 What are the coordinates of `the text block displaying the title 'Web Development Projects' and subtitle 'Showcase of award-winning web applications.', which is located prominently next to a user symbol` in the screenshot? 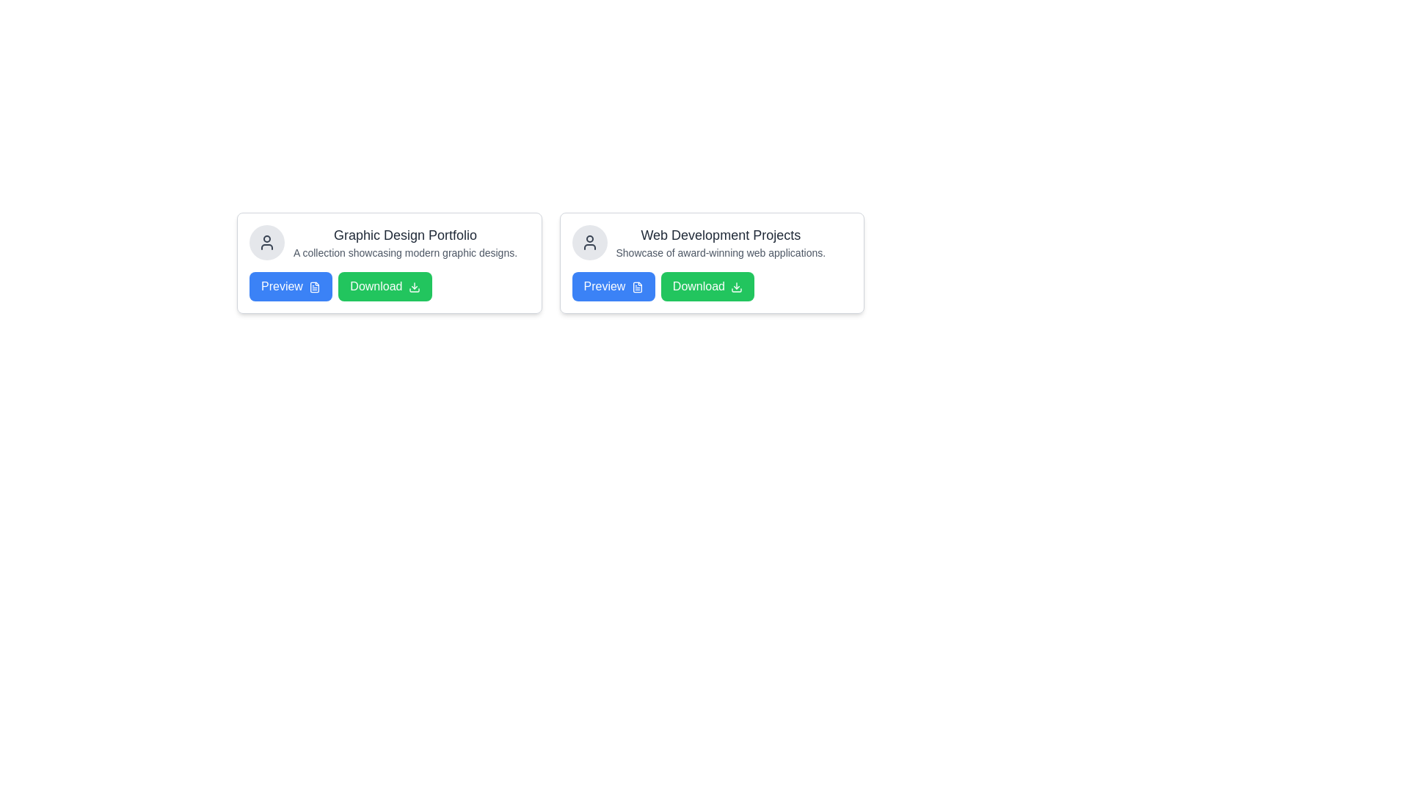 It's located at (712, 242).